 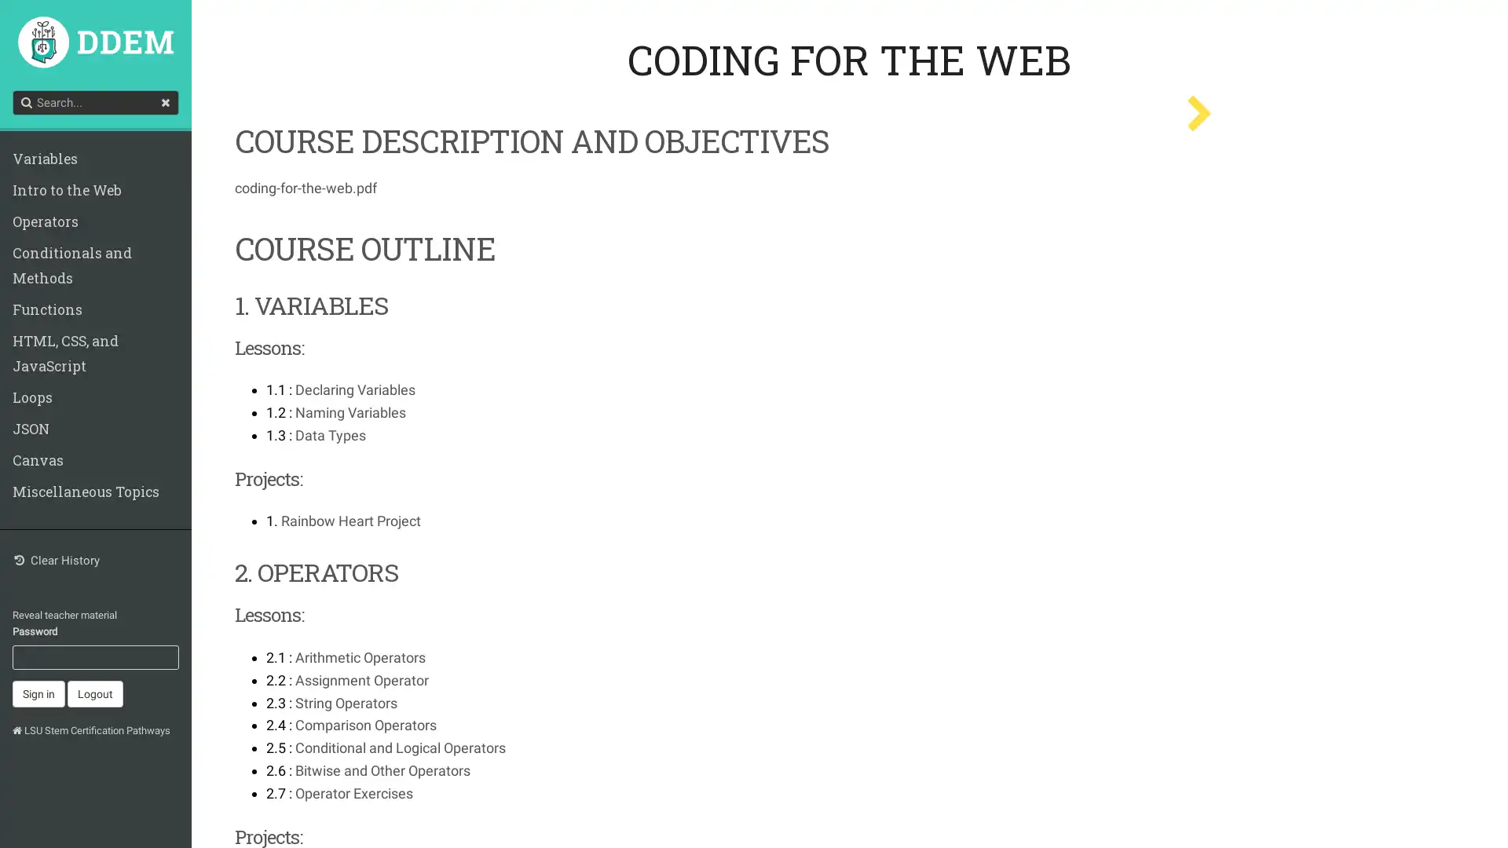 I want to click on Logout, so click(x=94, y=659).